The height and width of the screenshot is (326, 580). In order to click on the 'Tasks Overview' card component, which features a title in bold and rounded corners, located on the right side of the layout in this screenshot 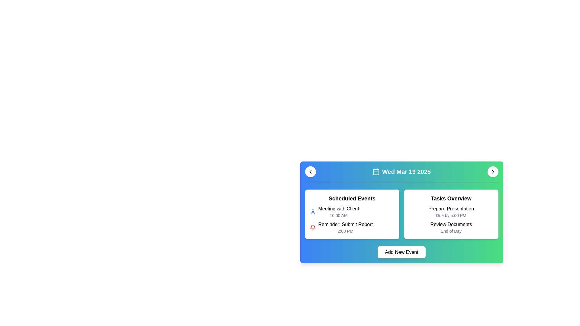, I will do `click(451, 214)`.